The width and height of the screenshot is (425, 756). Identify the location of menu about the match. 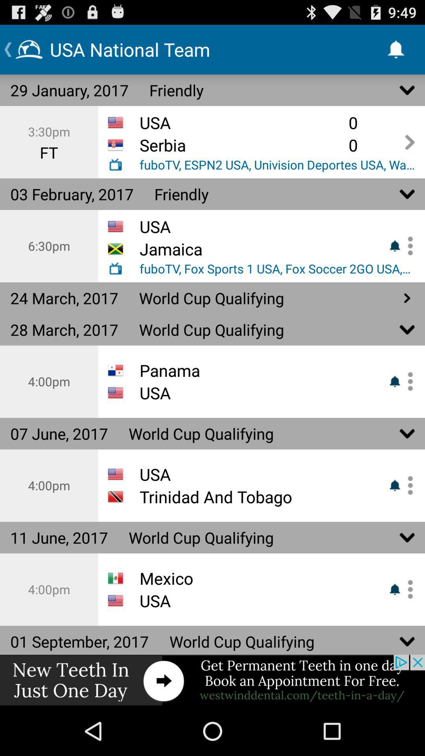
(407, 245).